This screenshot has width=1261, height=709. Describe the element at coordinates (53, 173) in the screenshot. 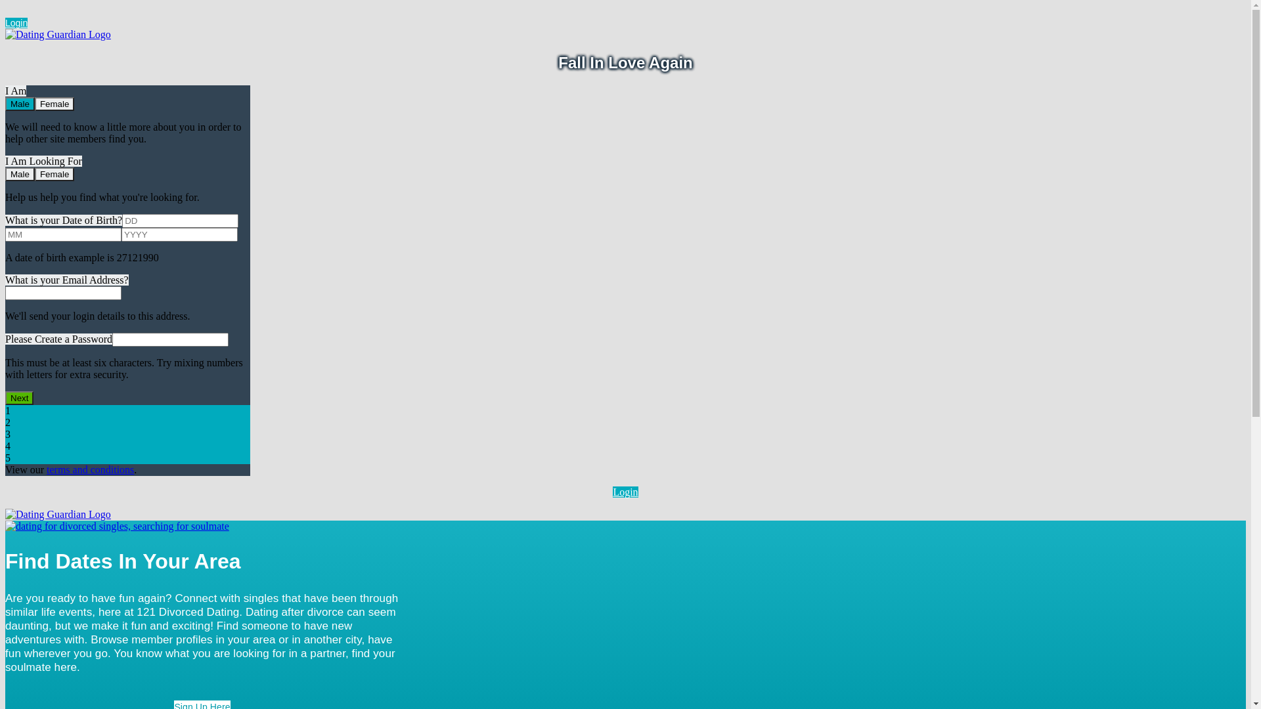

I see `'Female'` at that location.